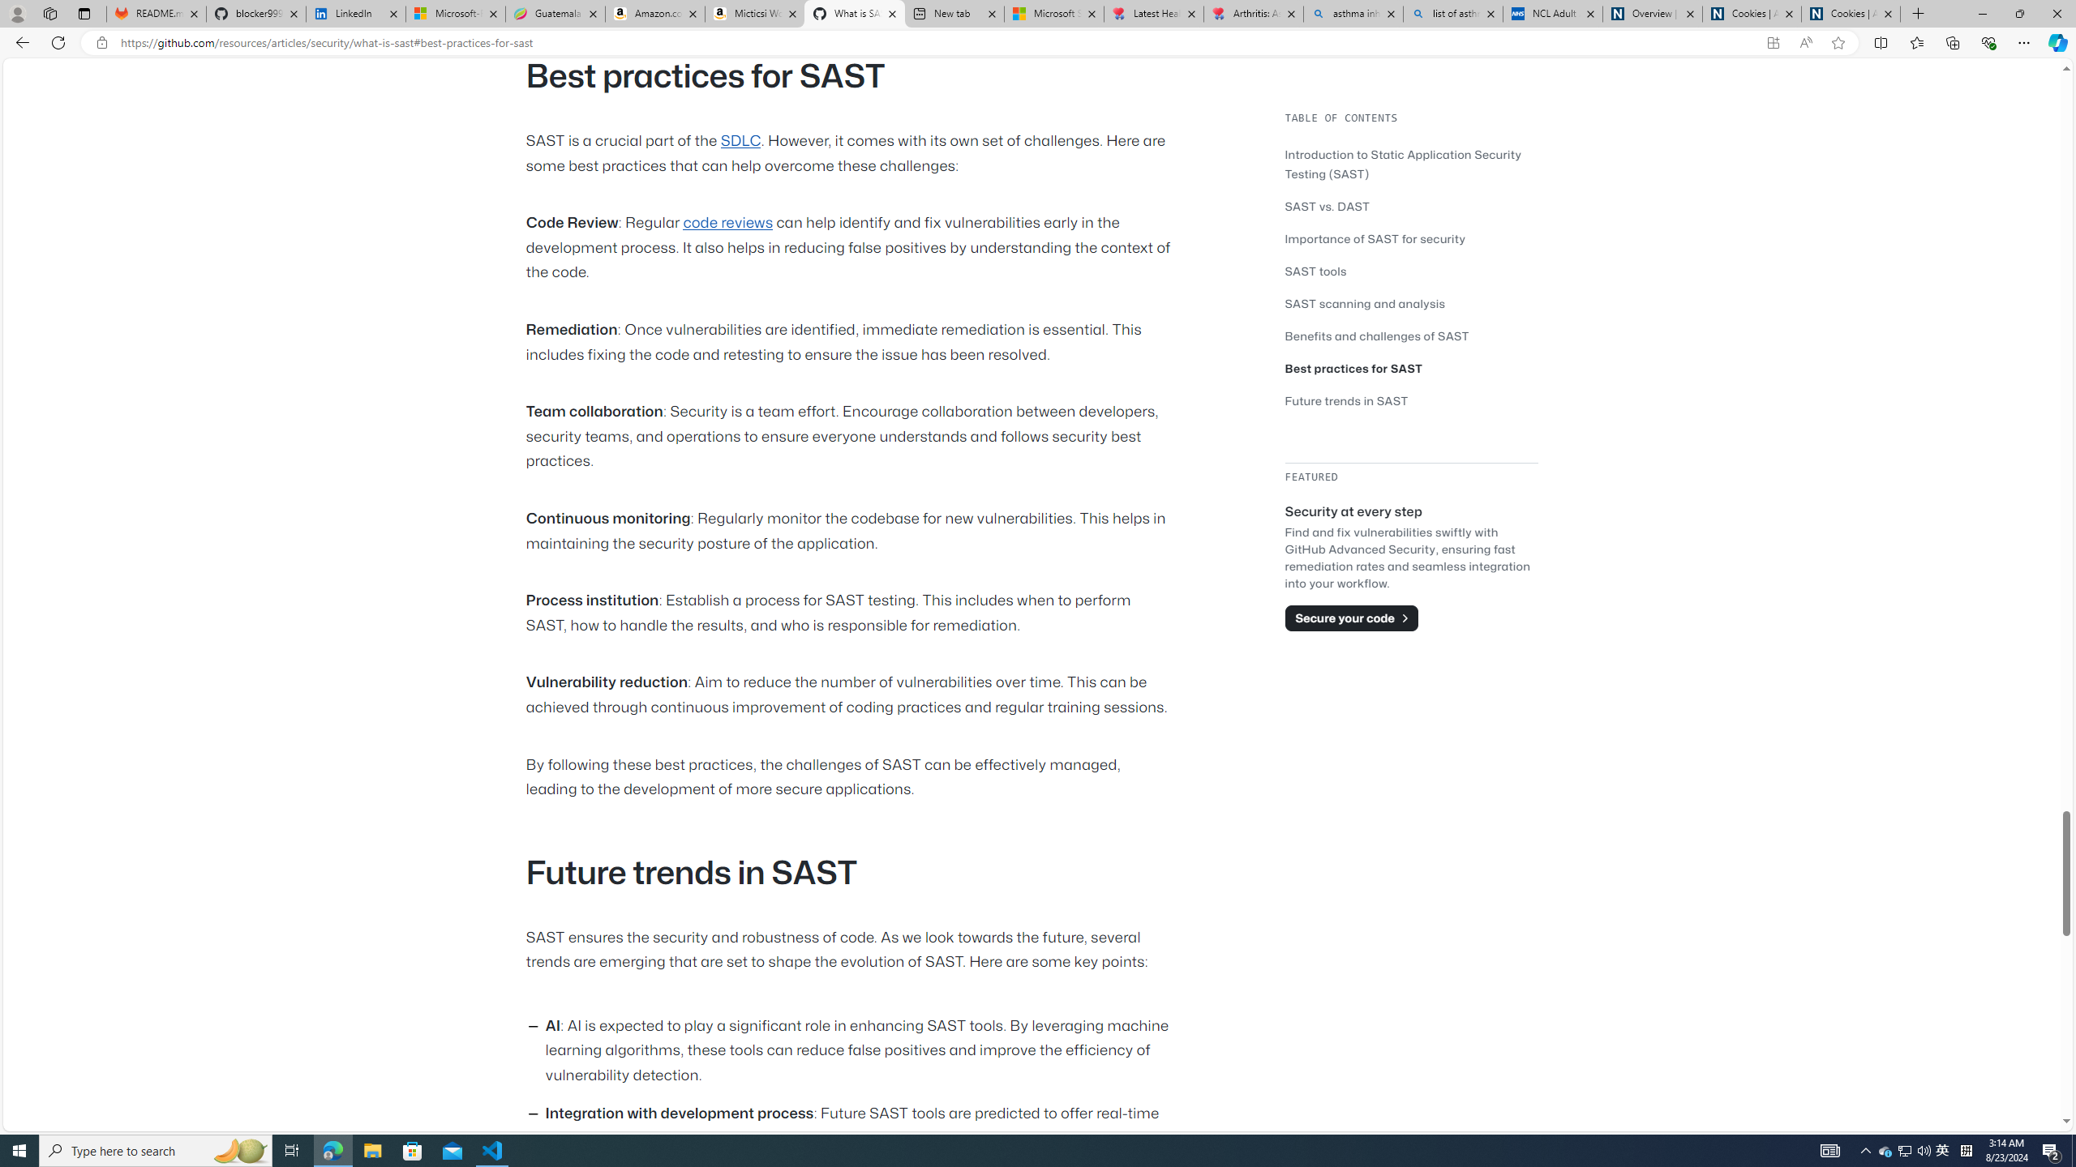 This screenshot has width=2076, height=1167. What do you see at coordinates (1411, 164) in the screenshot?
I see `'Introduction to Static Application Security Testing (SAST)'` at bounding box center [1411, 164].